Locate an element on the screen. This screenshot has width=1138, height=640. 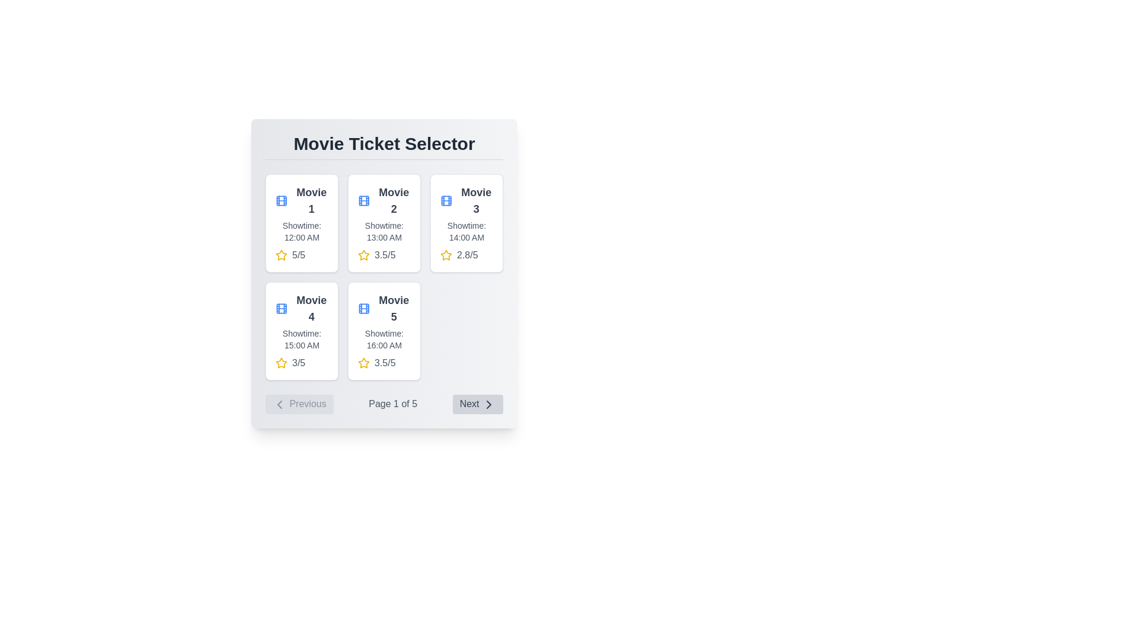
text from the user rating Text Label located in the second card of the grid below the 'Movie 2' title and to the right of the yellow star icon is located at coordinates (385, 255).